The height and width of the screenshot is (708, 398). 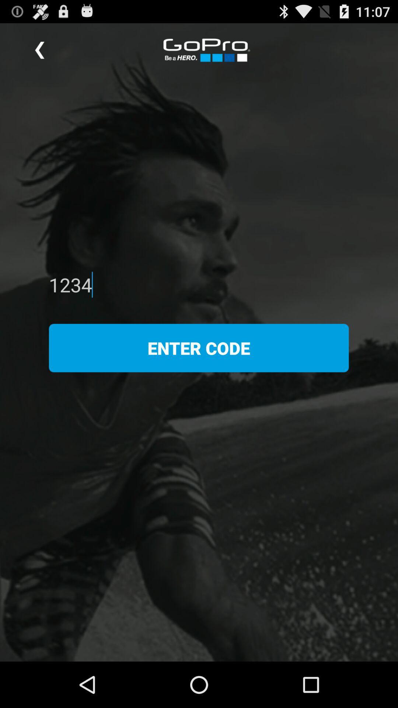 I want to click on go back, so click(x=39, y=50).